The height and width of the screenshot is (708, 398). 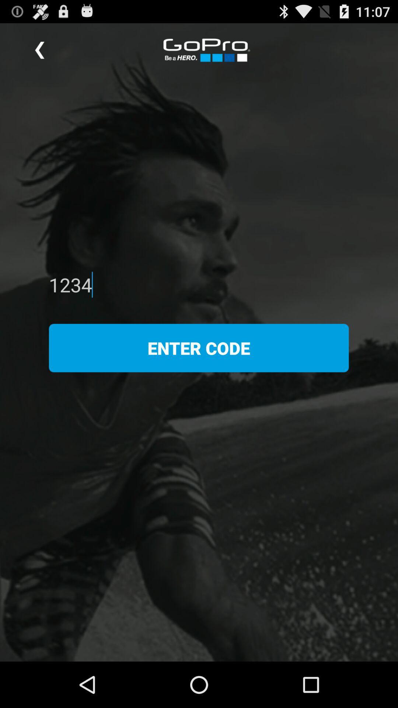 I want to click on go back, so click(x=39, y=50).